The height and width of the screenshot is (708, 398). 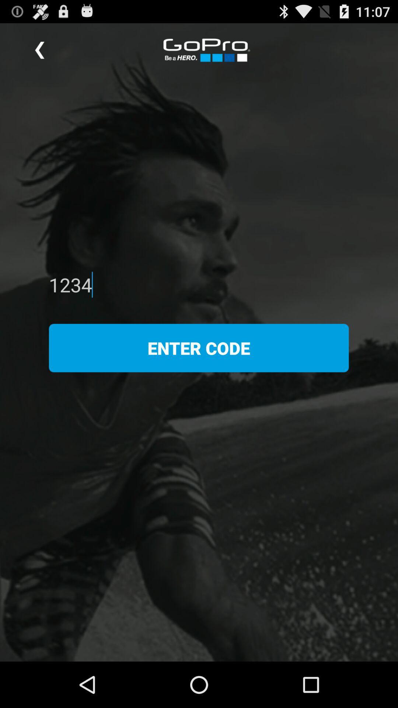 I want to click on go back, so click(x=39, y=50).